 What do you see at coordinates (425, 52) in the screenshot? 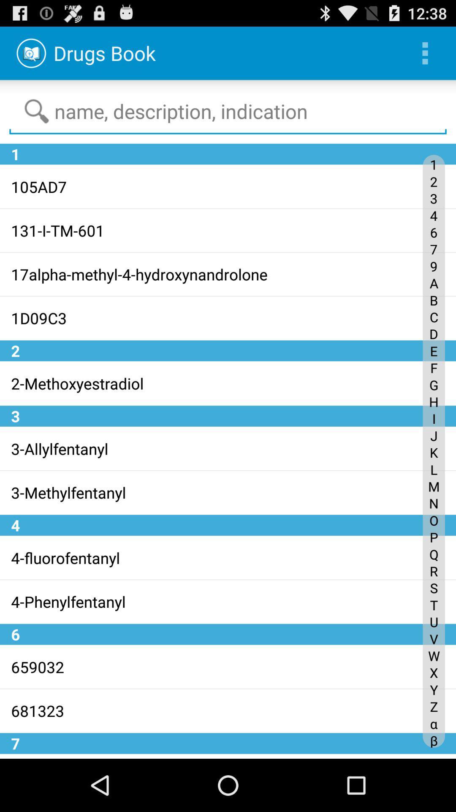
I see `the icon at the top right corner of the page` at bounding box center [425, 52].